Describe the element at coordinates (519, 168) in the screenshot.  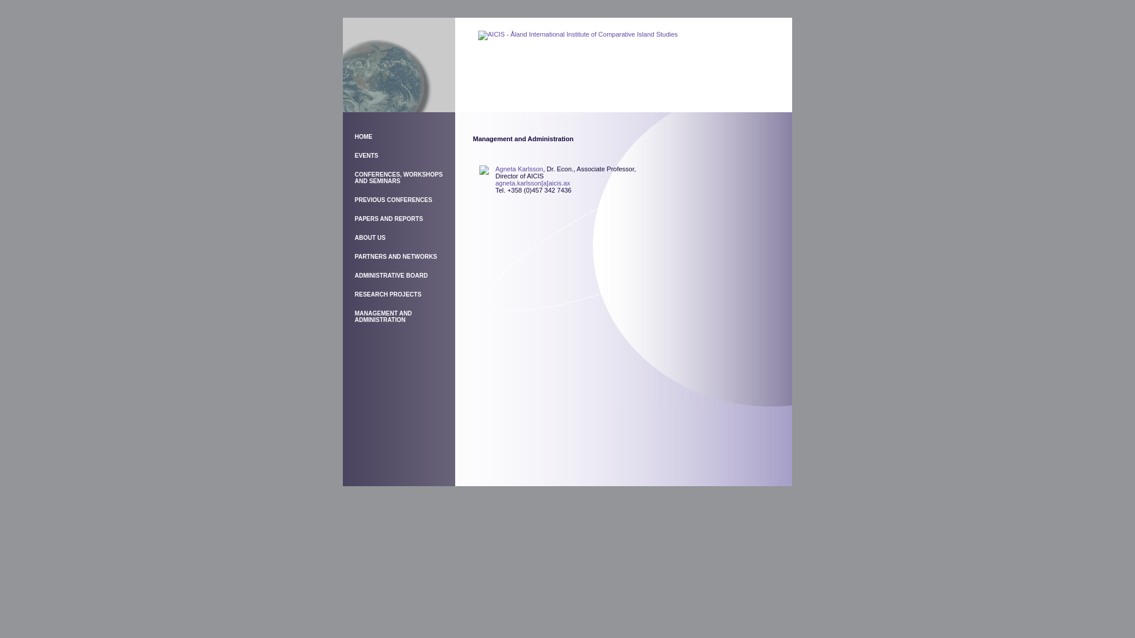
I see `'Agneta Karlsson'` at that location.